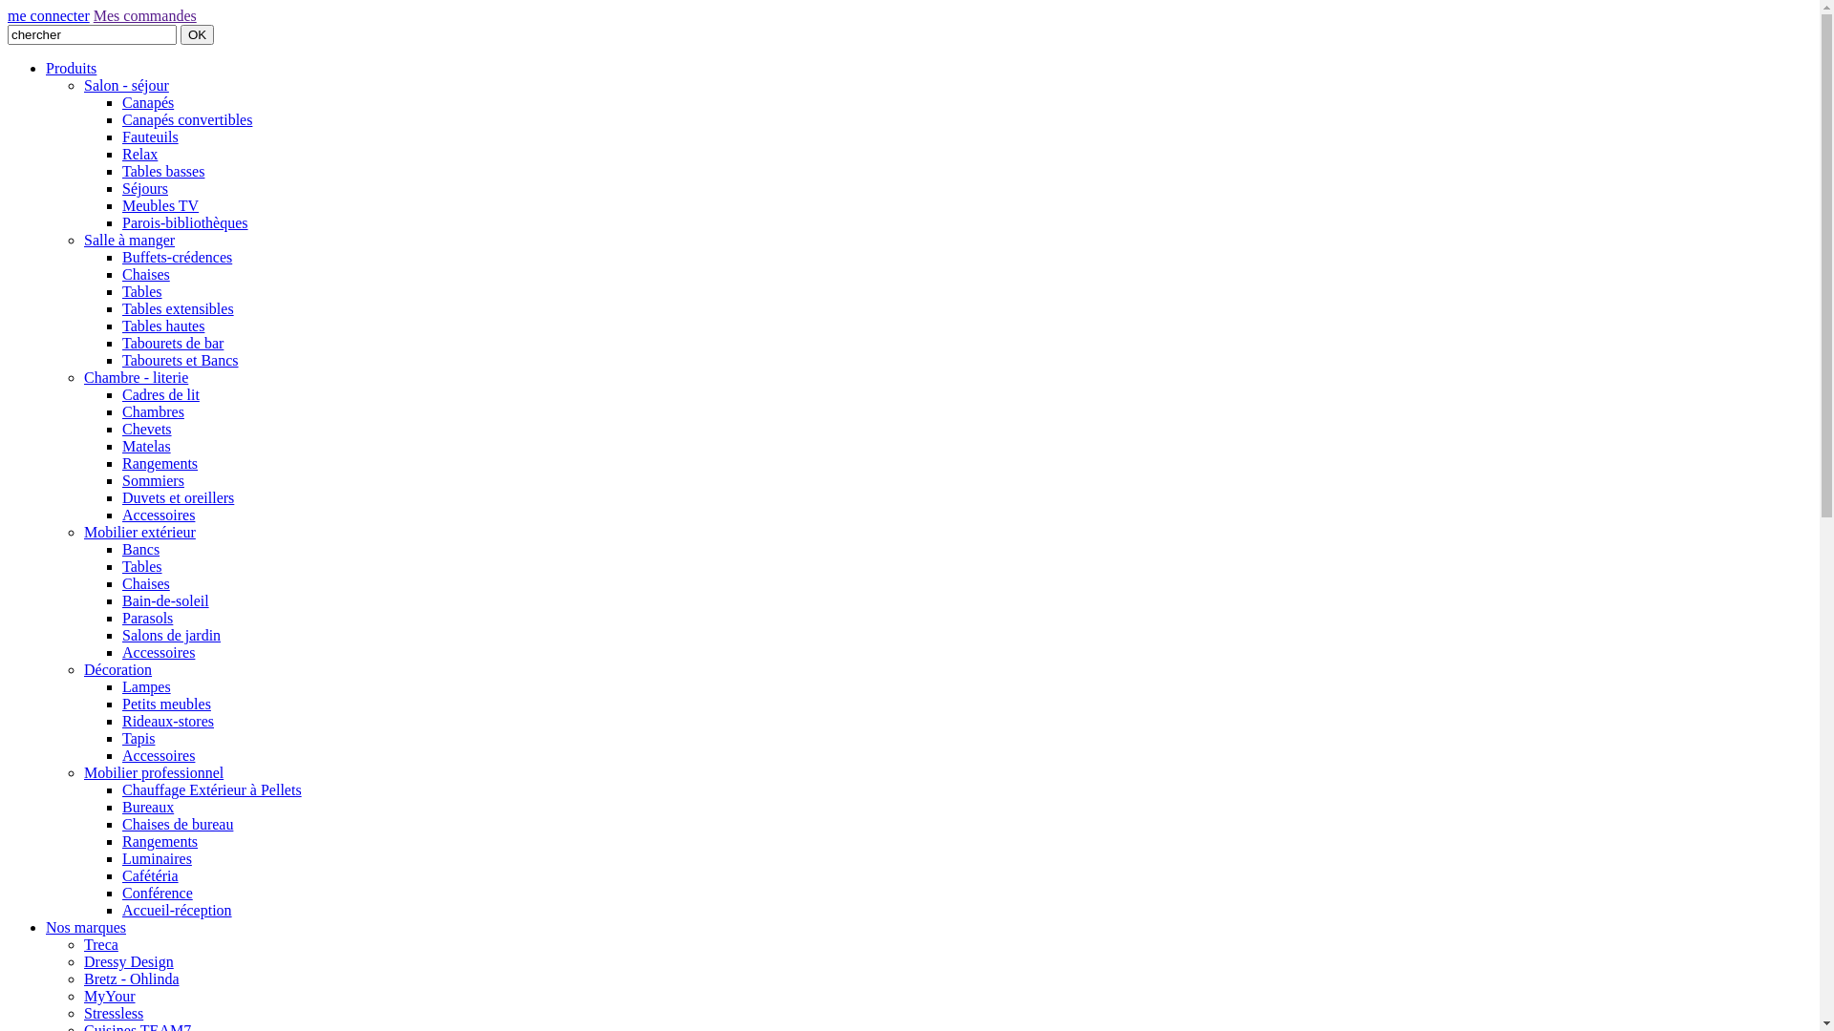  What do you see at coordinates (121, 170) in the screenshot?
I see `'Tables basses'` at bounding box center [121, 170].